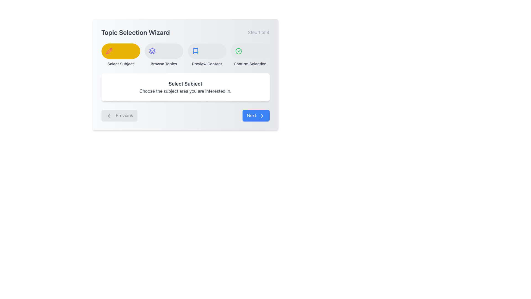 The width and height of the screenshot is (531, 299). I want to click on the 'Preview Content' button in the navigation menu, so click(207, 51).